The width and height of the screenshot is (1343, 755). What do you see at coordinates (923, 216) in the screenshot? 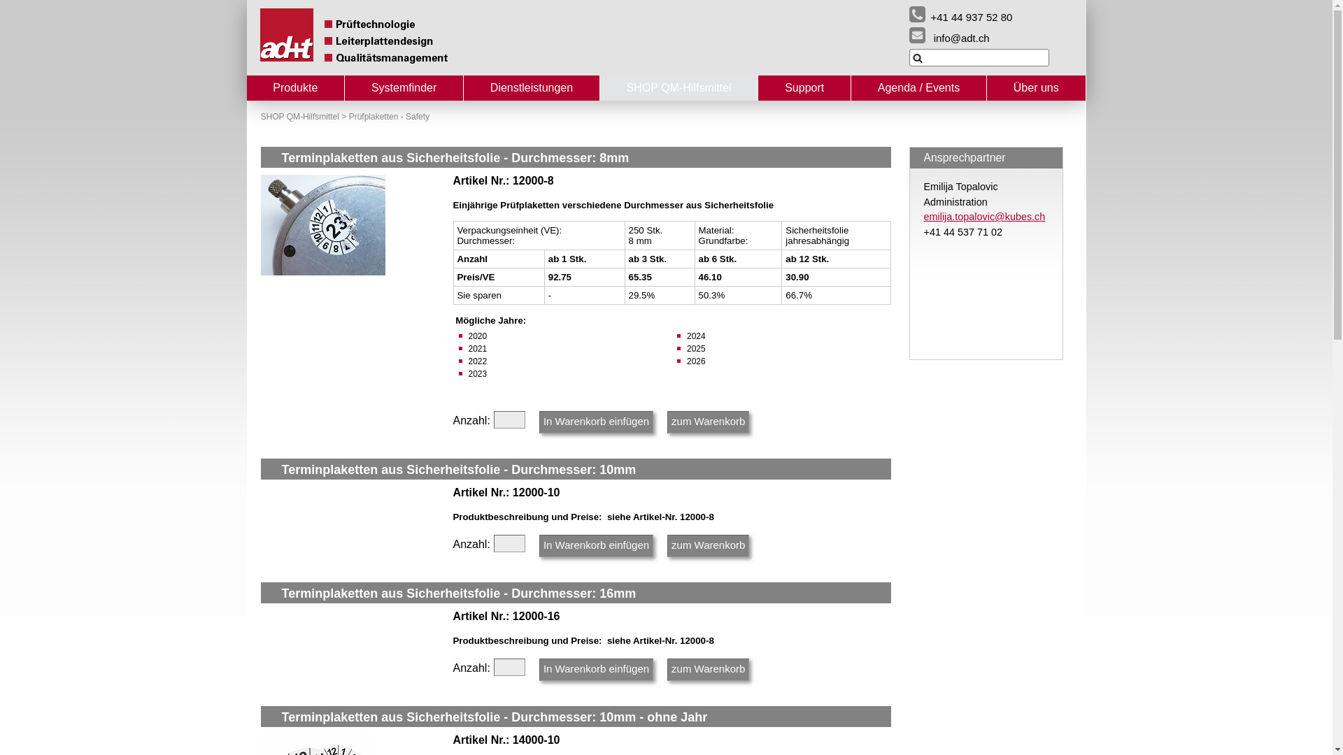
I see `'emilija.topalovic@kubes.ch'` at bounding box center [923, 216].